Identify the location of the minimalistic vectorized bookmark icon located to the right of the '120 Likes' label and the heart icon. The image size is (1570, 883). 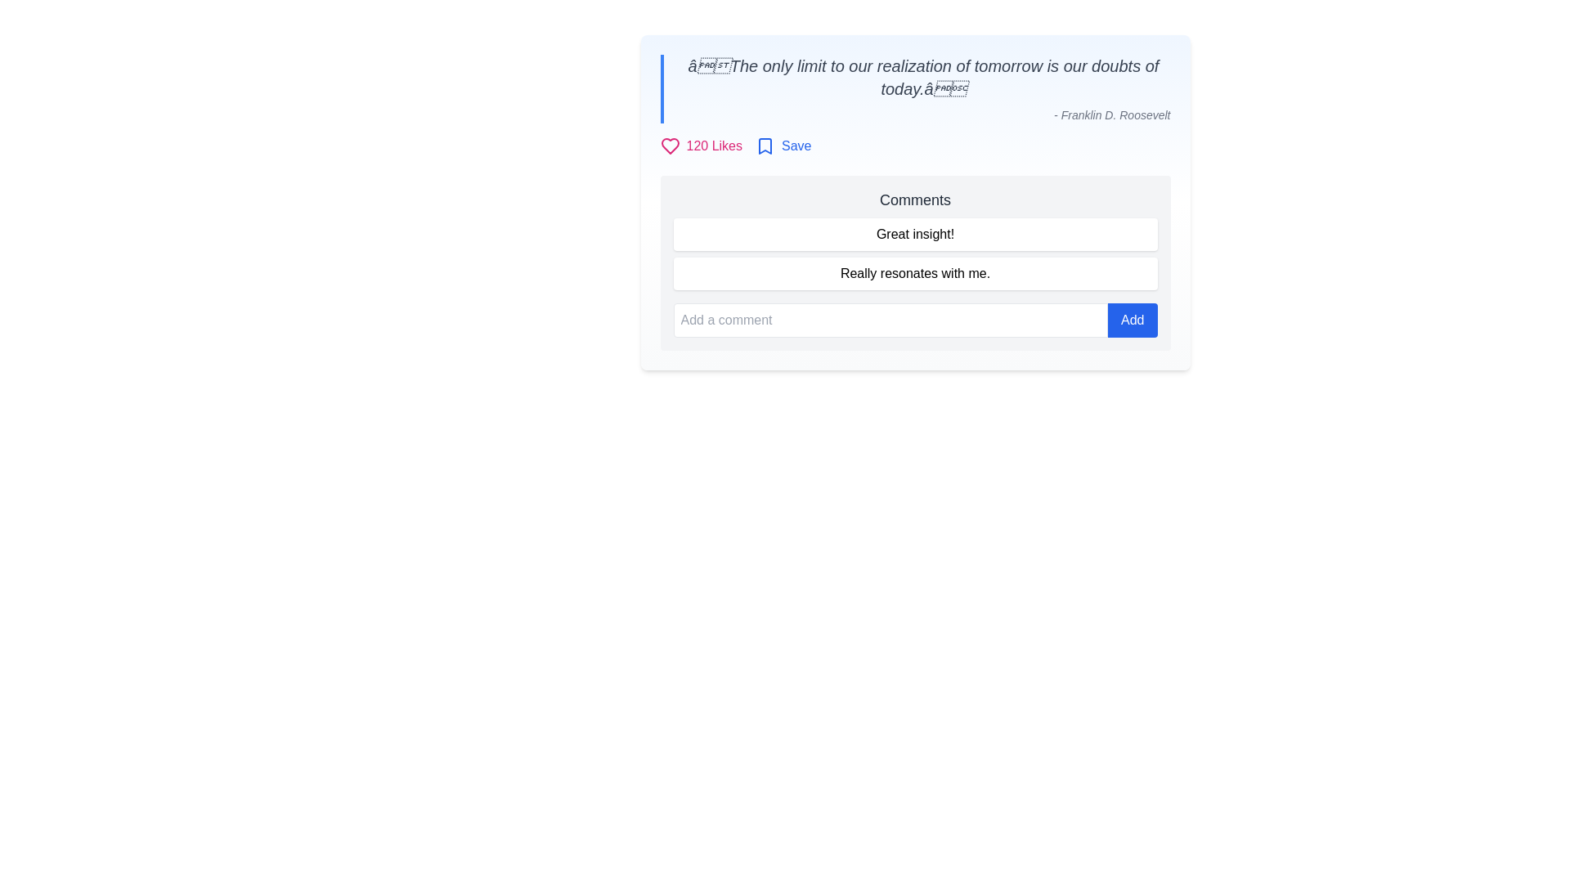
(765, 145).